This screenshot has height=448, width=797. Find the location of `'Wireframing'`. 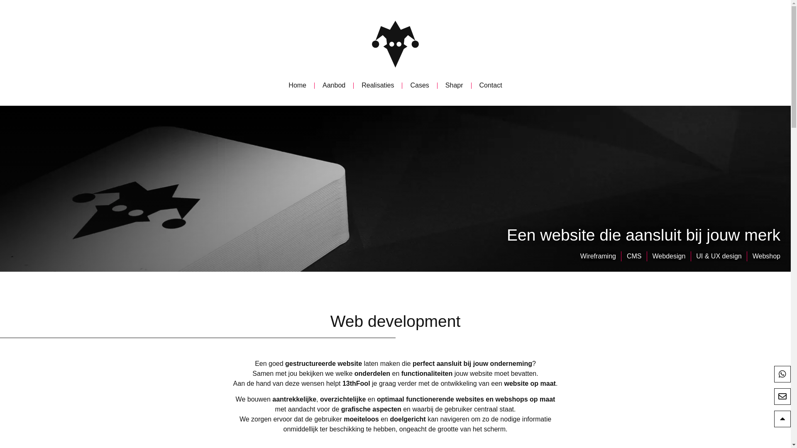

'Wireframing' is located at coordinates (579, 256).